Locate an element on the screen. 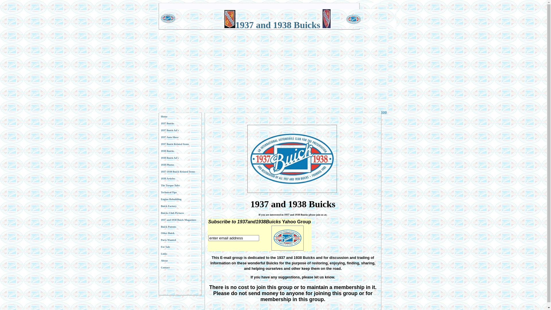  'Parts Wanted' is located at coordinates (180, 240).